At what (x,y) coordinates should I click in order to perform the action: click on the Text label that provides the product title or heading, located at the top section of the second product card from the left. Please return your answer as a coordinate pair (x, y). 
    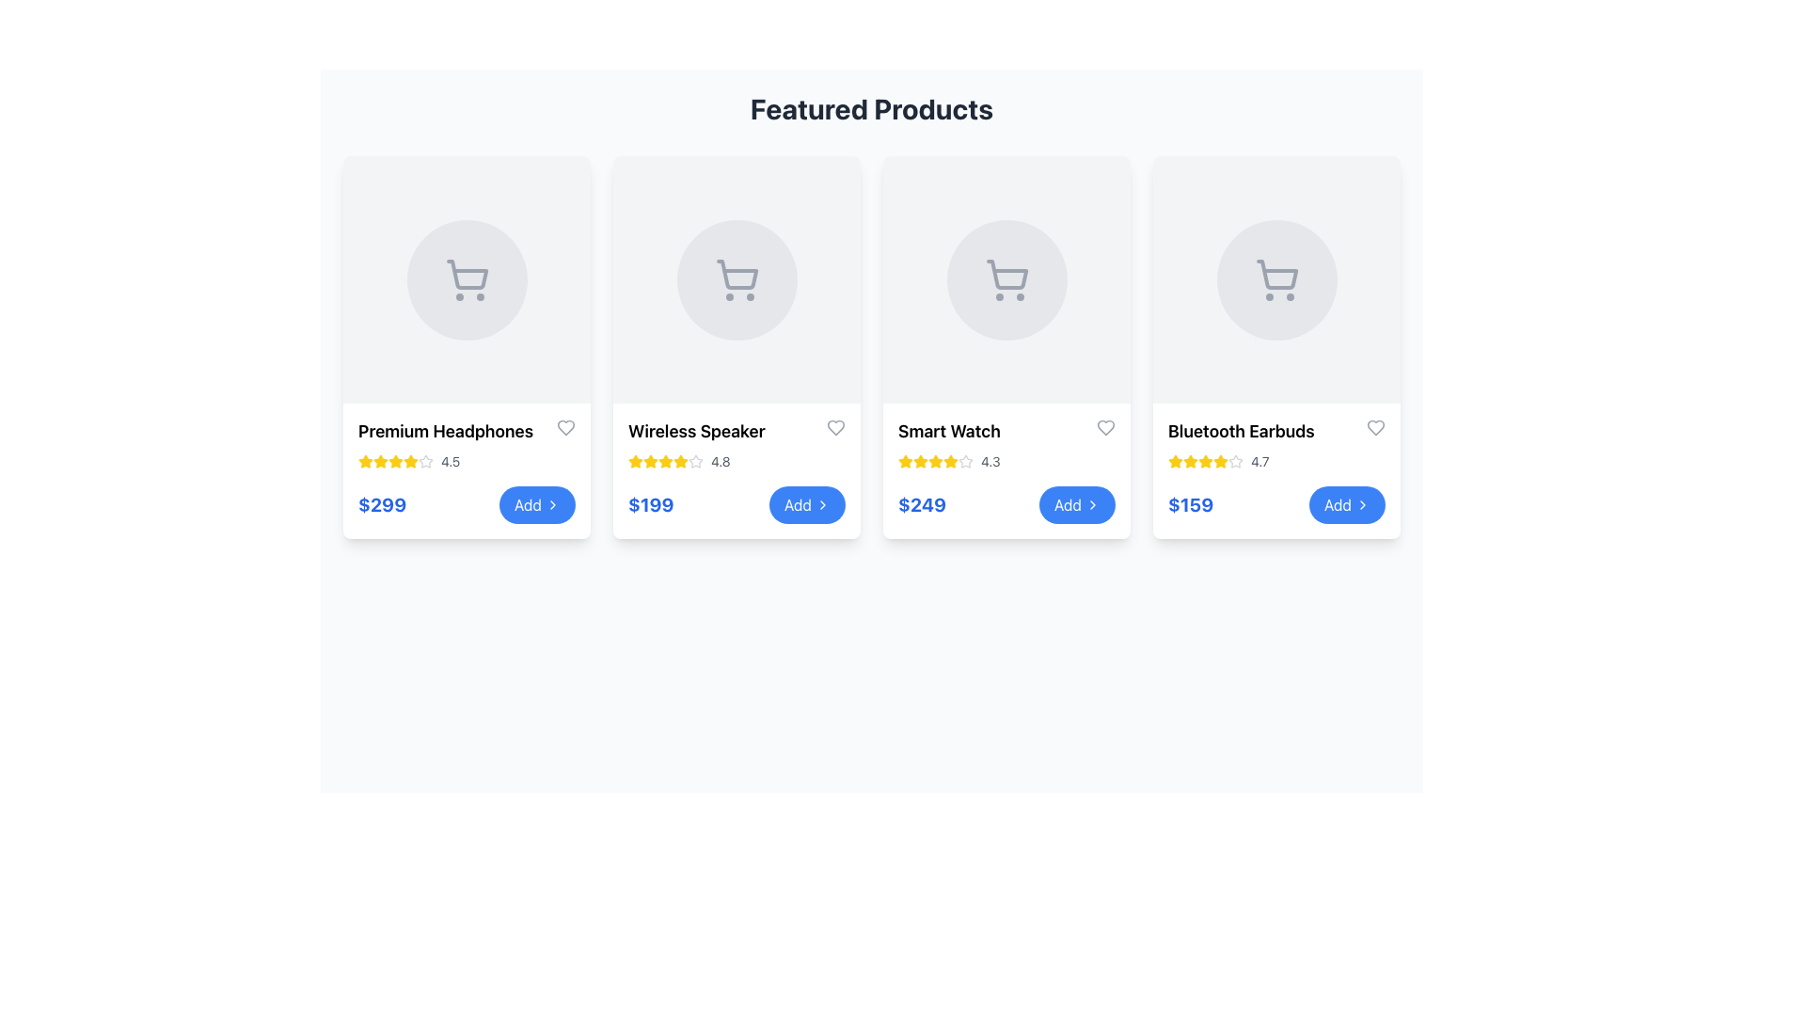
    Looking at the image, I should click on (736, 432).